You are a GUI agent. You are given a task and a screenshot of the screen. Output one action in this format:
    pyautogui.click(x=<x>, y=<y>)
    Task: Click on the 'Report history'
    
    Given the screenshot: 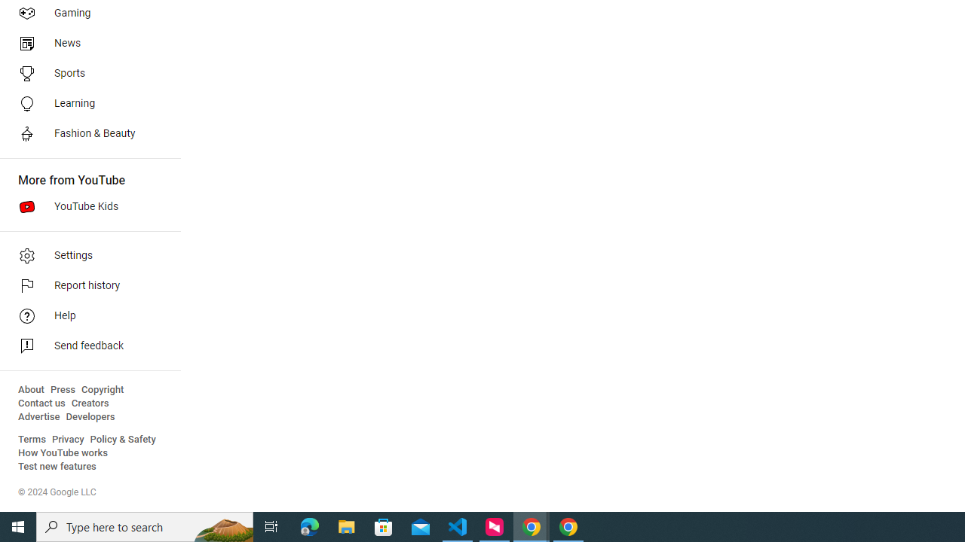 What is the action you would take?
    pyautogui.click(x=84, y=286)
    